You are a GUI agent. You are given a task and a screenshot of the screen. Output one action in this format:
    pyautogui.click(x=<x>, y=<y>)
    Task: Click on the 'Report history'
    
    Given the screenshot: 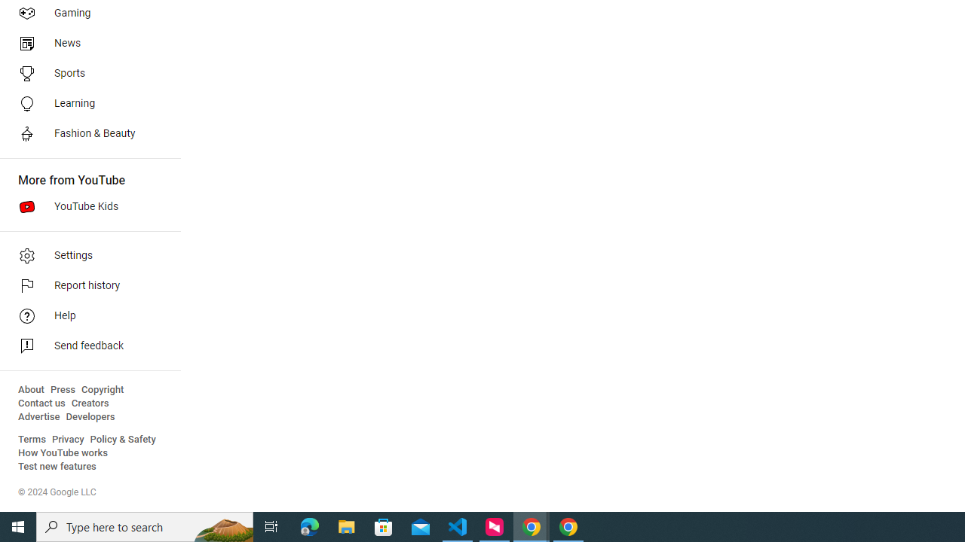 What is the action you would take?
    pyautogui.click(x=84, y=286)
    